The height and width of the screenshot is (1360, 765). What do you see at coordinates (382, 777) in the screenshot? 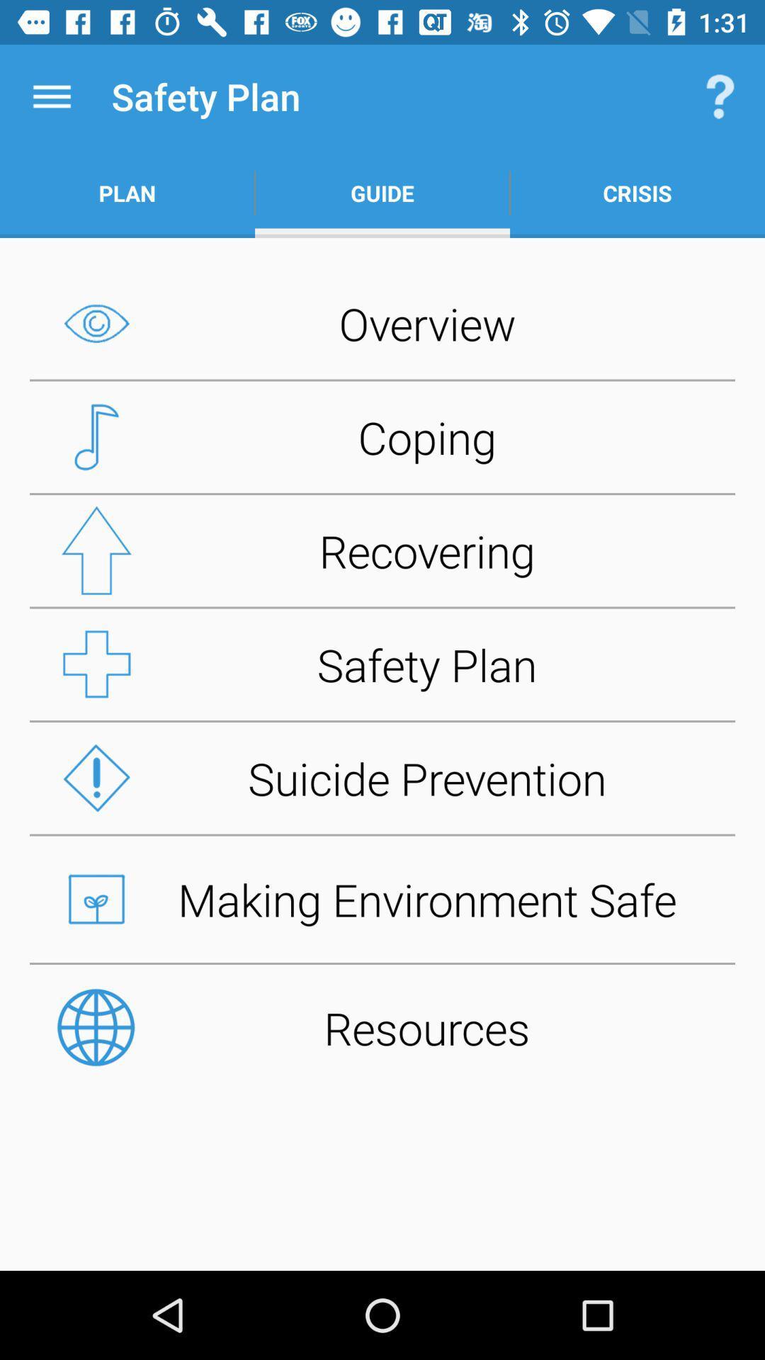
I see `suicide prevention` at bounding box center [382, 777].